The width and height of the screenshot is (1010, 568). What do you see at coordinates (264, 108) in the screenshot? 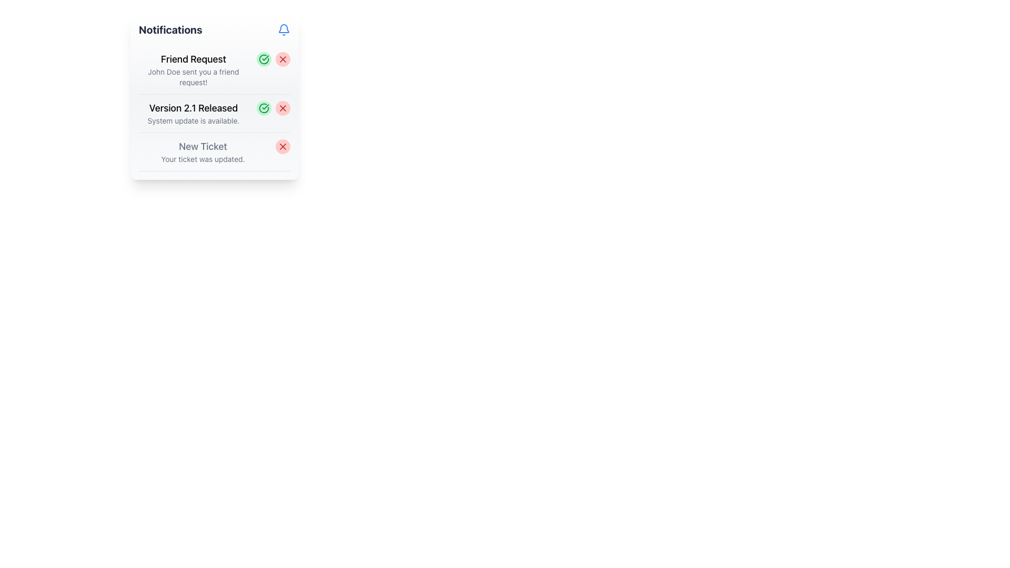
I see `the circular light green button with a dark green checkmark icon` at bounding box center [264, 108].